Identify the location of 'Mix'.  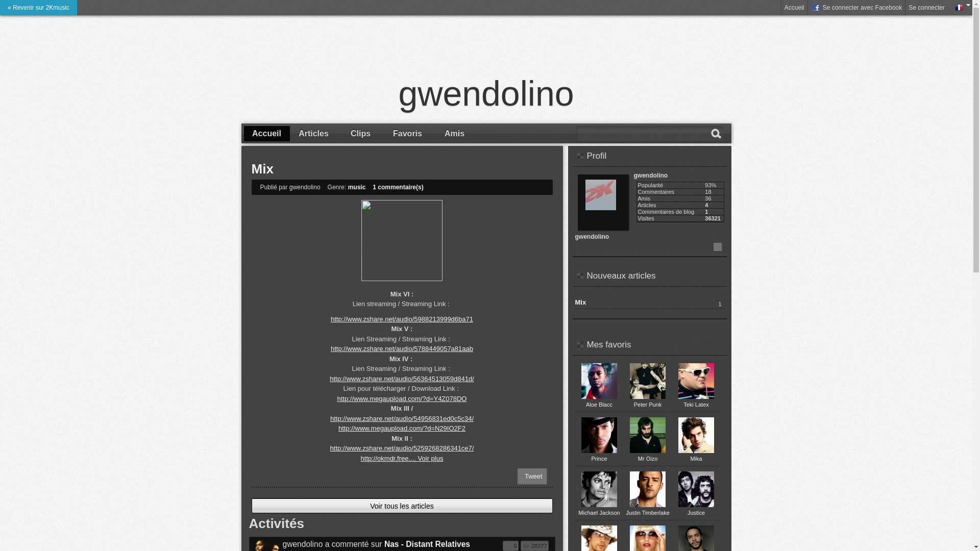
(580, 302).